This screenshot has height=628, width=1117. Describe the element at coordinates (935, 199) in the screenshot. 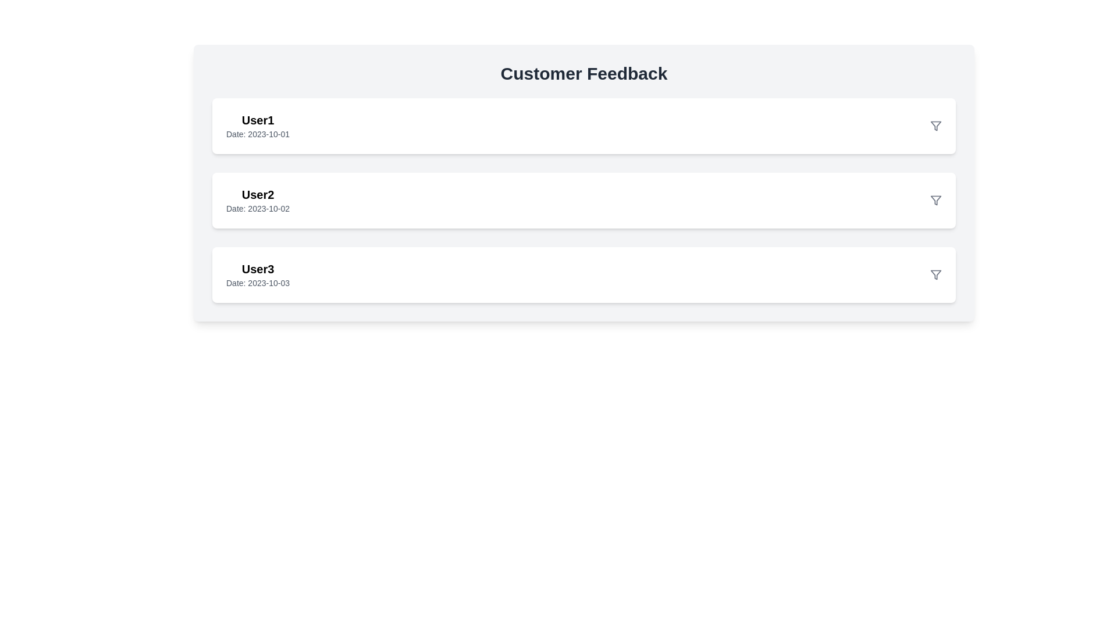

I see `the funnel icon representing the filter functionality, which is the third interactive icon from the top, located to the far-right of the user-related information panel for 'User2'` at that location.